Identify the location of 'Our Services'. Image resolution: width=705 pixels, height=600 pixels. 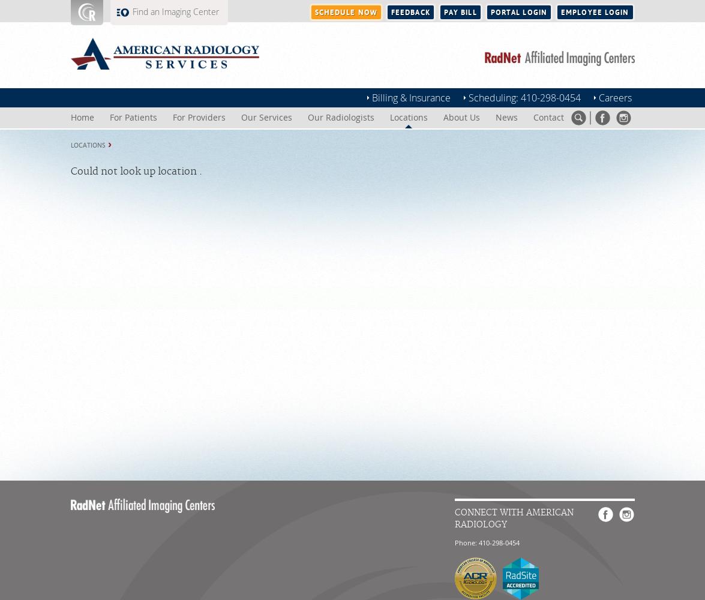
(266, 117).